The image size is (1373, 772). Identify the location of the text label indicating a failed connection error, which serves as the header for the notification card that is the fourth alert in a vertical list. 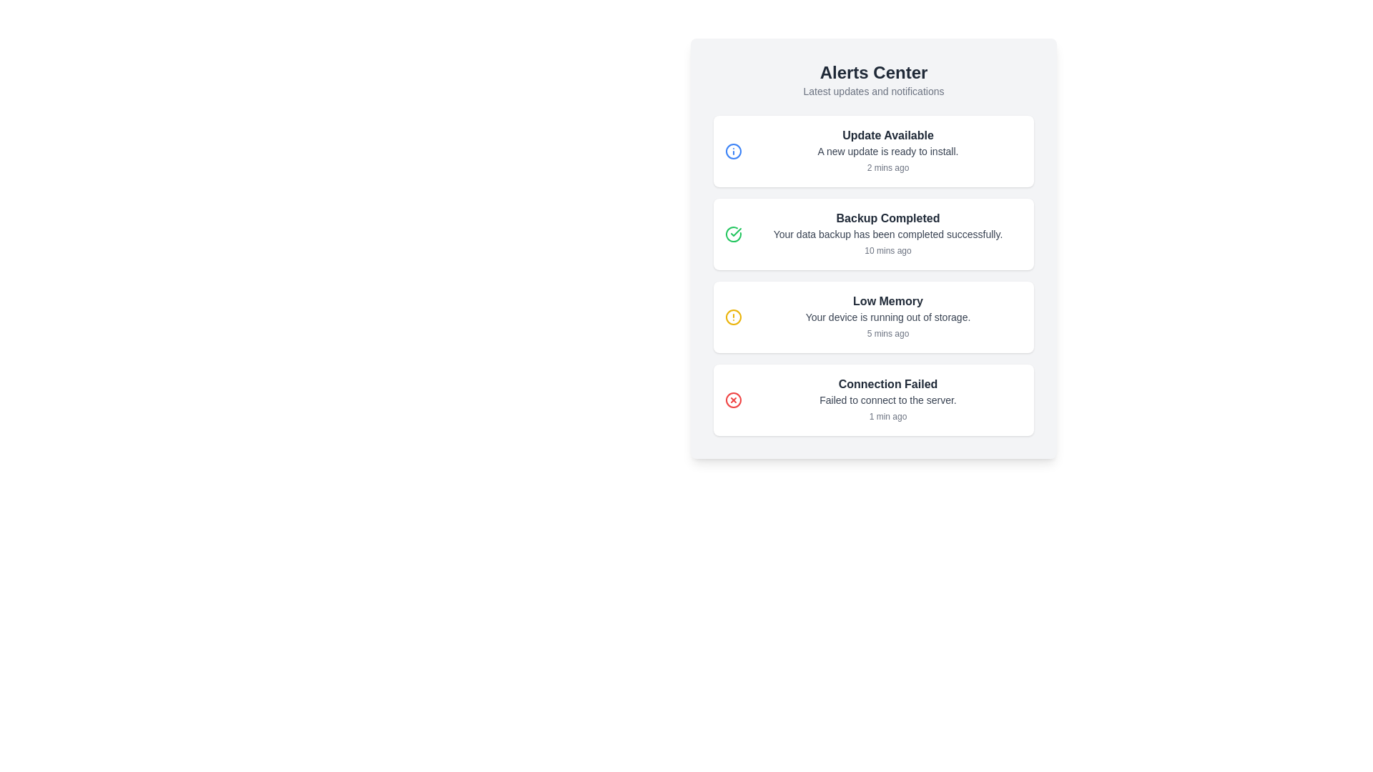
(887, 383).